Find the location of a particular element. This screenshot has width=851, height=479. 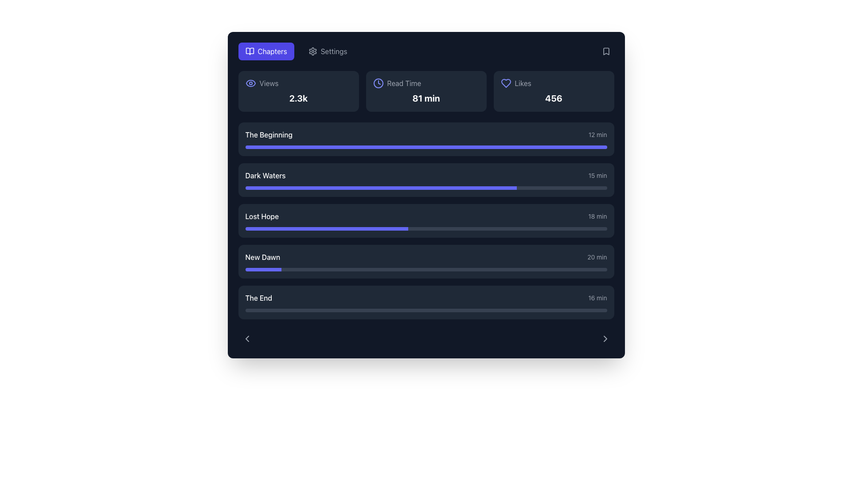

the cogwheel icon in the settings menu, located to the left of the 'Settings' label in the navigation bar is located at coordinates (312, 51).